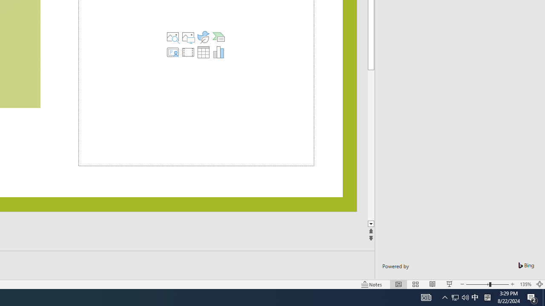 The height and width of the screenshot is (306, 545). What do you see at coordinates (218, 37) in the screenshot?
I see `'Insert a SmartArt Graphic'` at bounding box center [218, 37].